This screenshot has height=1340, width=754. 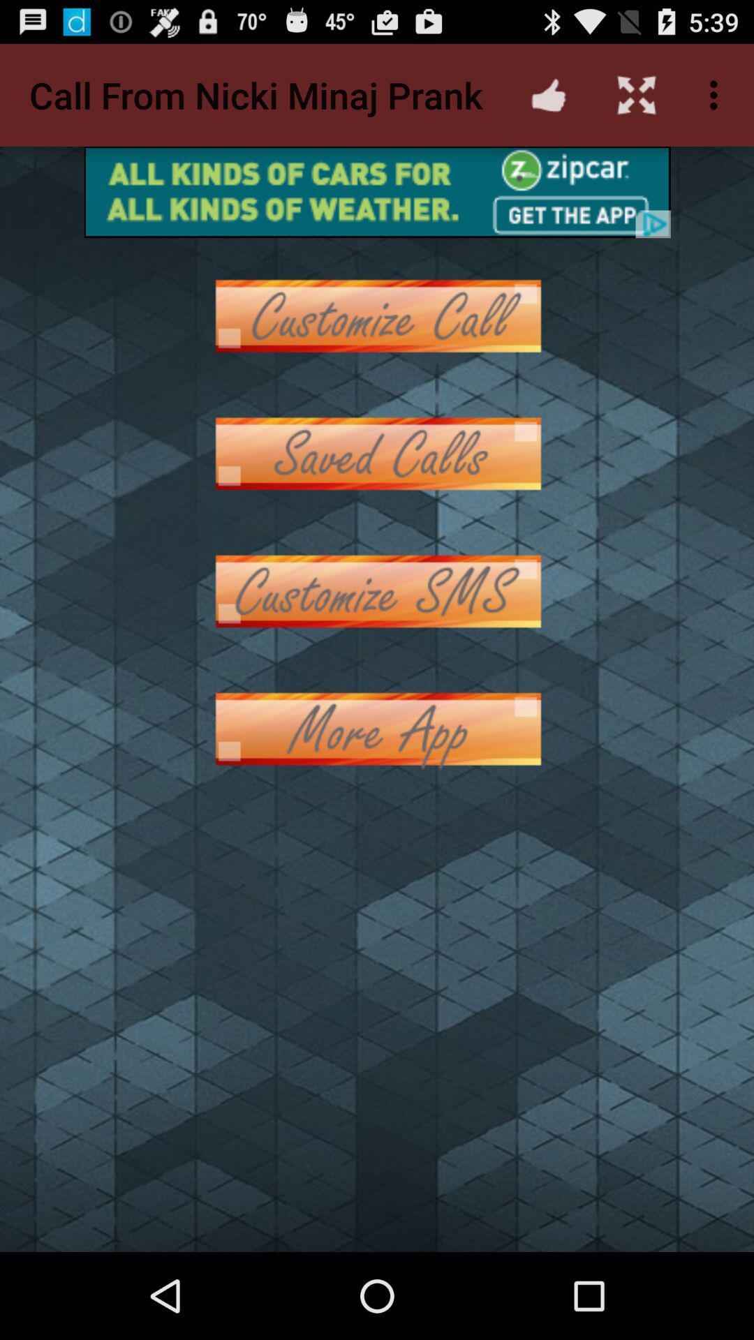 What do you see at coordinates (377, 728) in the screenshot?
I see `more app` at bounding box center [377, 728].